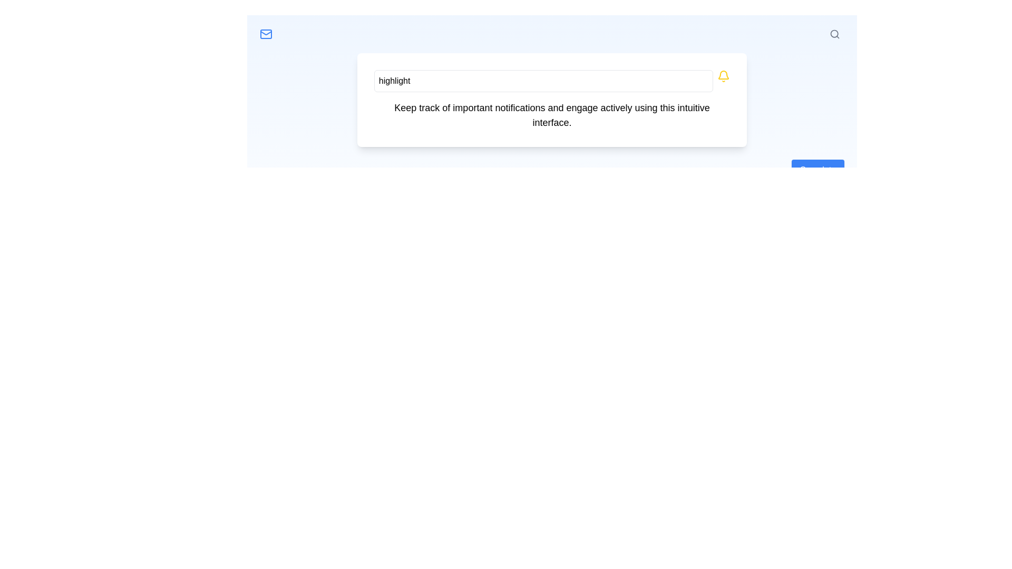 Image resolution: width=1012 pixels, height=569 pixels. Describe the element at coordinates (723, 76) in the screenshot. I see `the yellow bell icon` at that location.